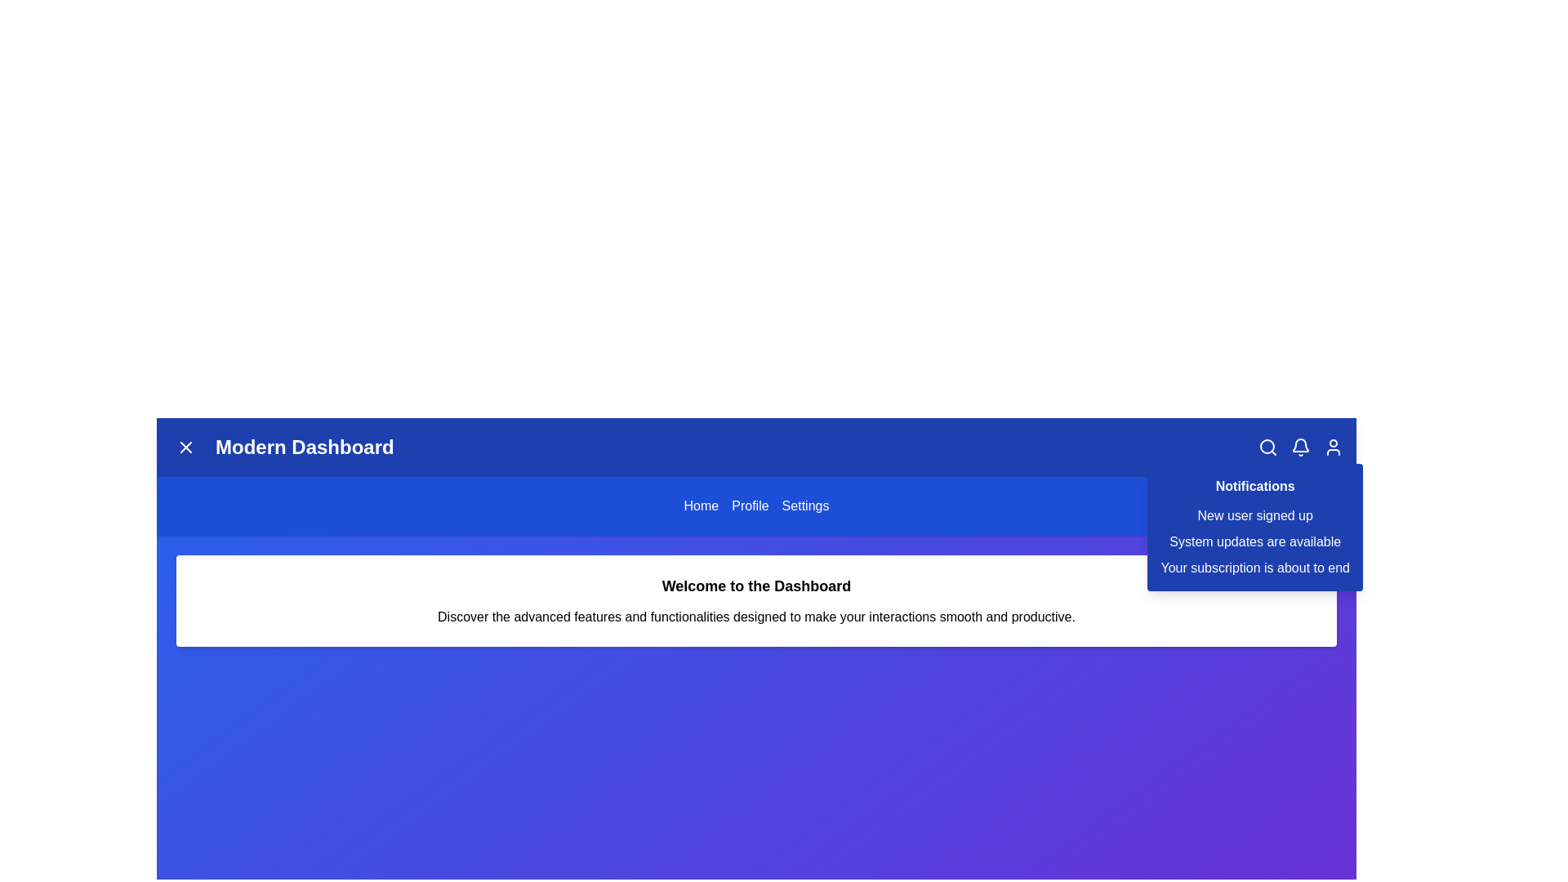 The height and width of the screenshot is (882, 1568). What do you see at coordinates (185, 447) in the screenshot?
I see `menu toggle button in the app bar to toggle the menu visibility` at bounding box center [185, 447].